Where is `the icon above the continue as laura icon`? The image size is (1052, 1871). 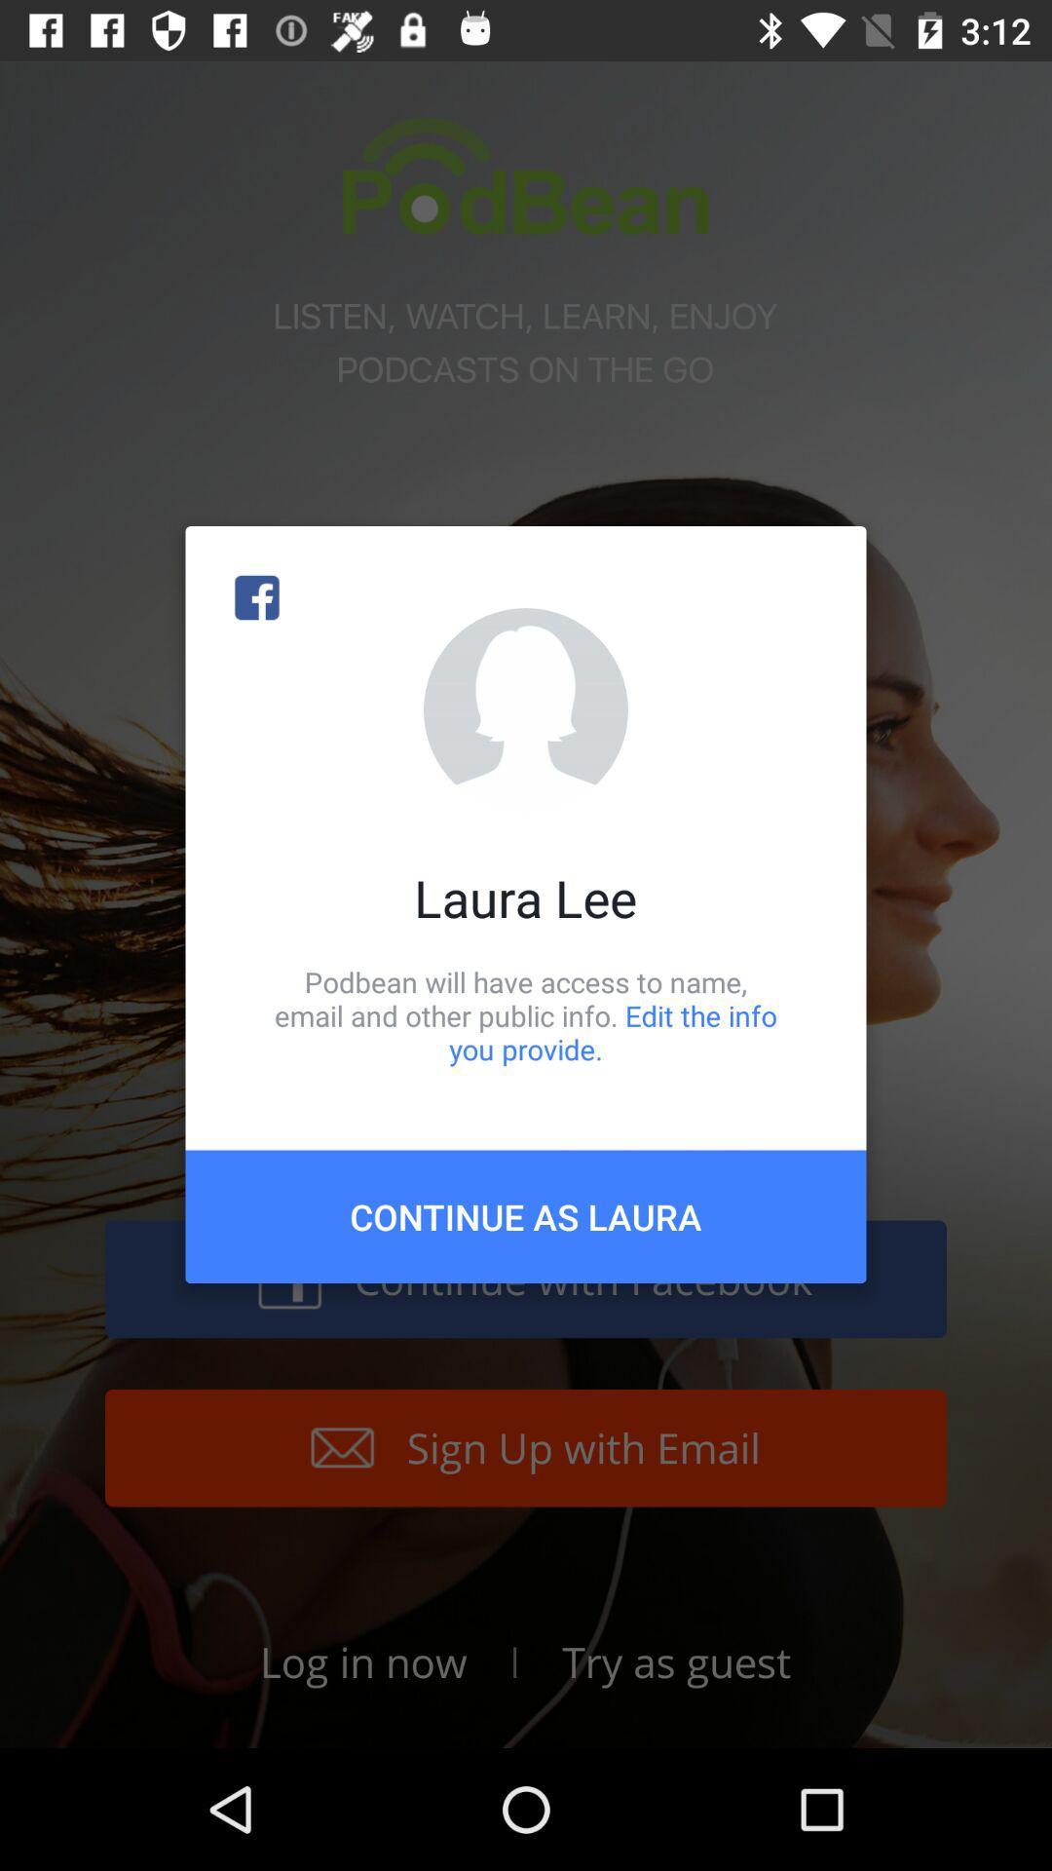 the icon above the continue as laura icon is located at coordinates (526, 1014).